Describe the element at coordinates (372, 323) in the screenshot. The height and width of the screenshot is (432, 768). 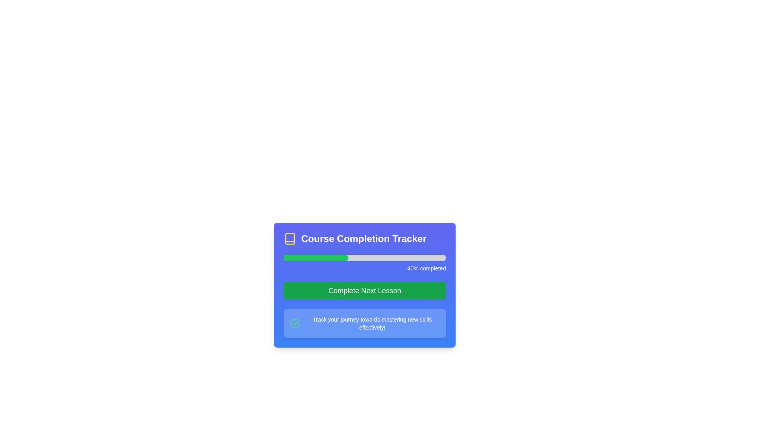
I see `the text label displaying 'Track your journey towards mastering new skills effectively!' located at the bottom of the interface, to the right of a green circular icon with a checkmark` at that location.